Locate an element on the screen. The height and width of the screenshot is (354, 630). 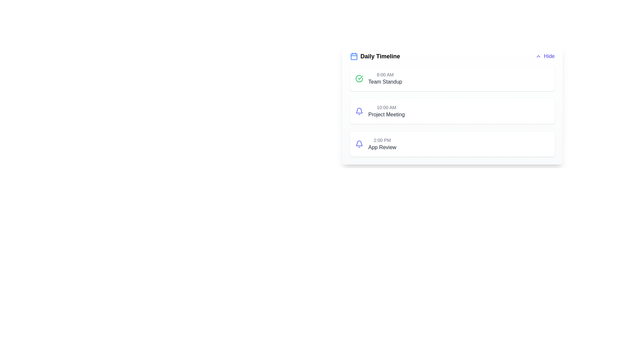
the 'Daily Timeline' header with icon and text is located at coordinates (375, 56).